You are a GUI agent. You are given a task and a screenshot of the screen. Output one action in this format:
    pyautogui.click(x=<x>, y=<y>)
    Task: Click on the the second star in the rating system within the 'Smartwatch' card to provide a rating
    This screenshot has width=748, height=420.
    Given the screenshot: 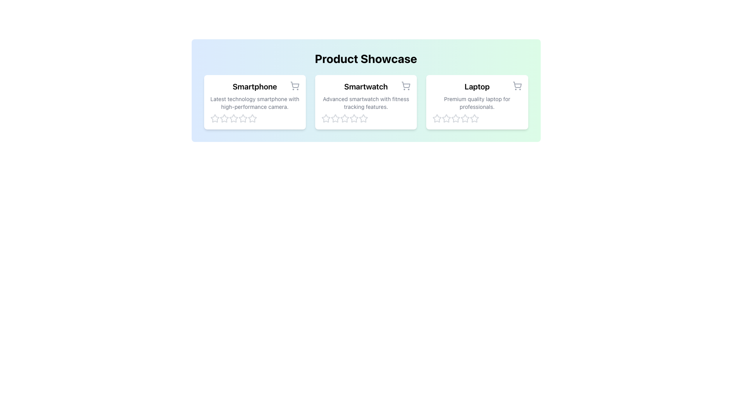 What is the action you would take?
    pyautogui.click(x=335, y=118)
    